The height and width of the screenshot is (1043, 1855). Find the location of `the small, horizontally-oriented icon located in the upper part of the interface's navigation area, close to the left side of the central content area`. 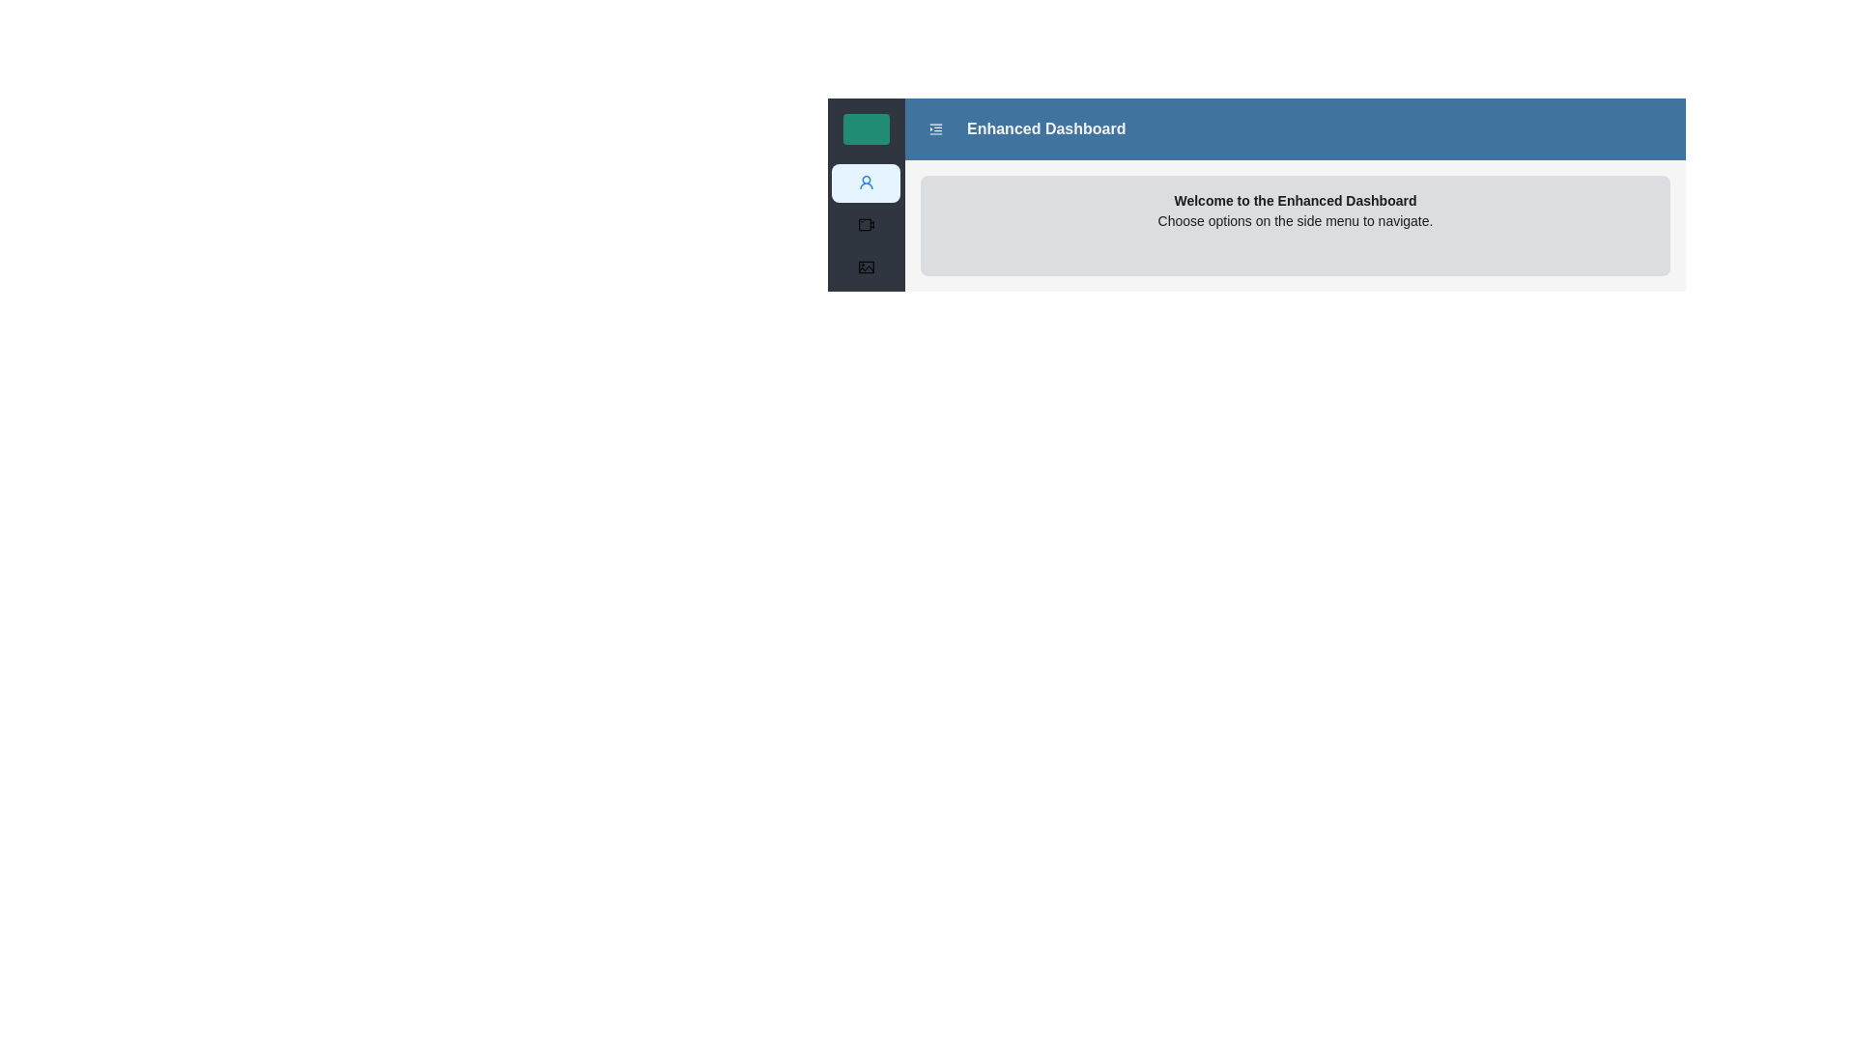

the small, horizontally-oriented icon located in the upper part of the interface's navigation area, close to the left side of the central content area is located at coordinates (936, 128).